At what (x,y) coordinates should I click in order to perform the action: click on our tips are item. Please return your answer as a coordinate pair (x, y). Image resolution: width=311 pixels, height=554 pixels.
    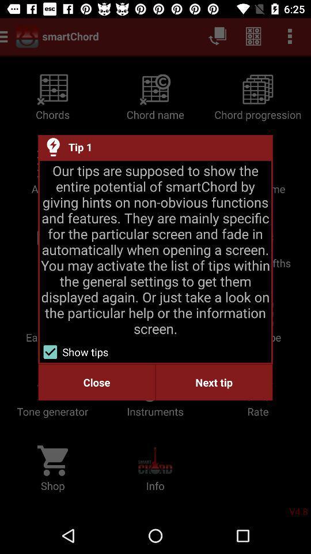
    Looking at the image, I should click on (155, 249).